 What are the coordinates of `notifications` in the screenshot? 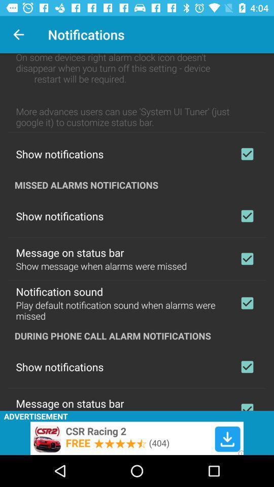 It's located at (247, 366).